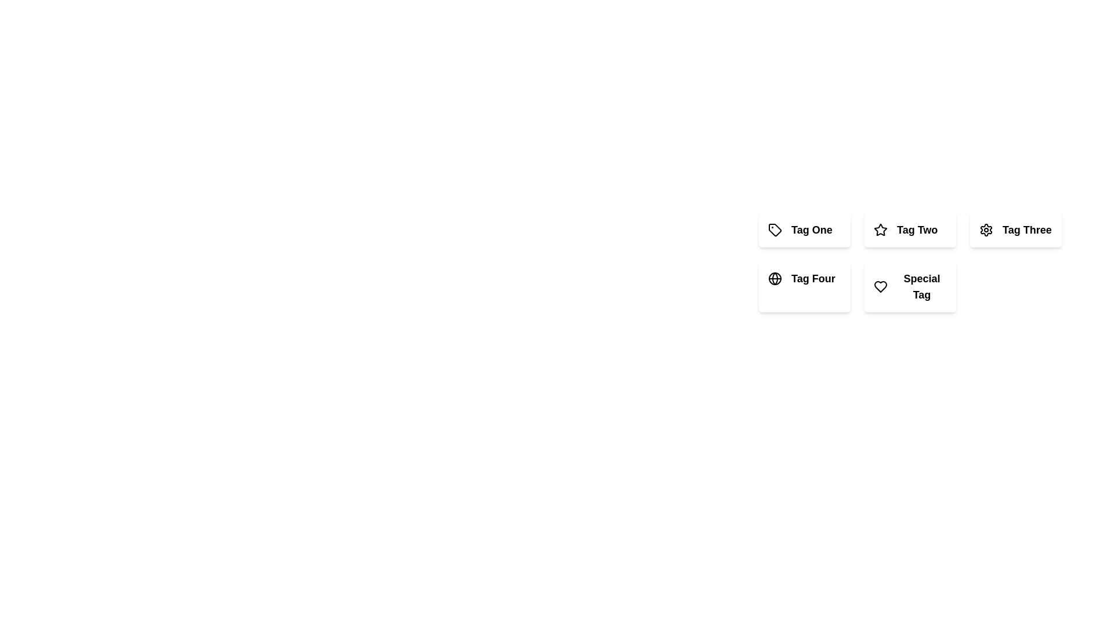 This screenshot has height=626, width=1114. Describe the element at coordinates (775, 230) in the screenshot. I see `the icon that symbolizes the tag or category associated with 'Tag One'` at that location.